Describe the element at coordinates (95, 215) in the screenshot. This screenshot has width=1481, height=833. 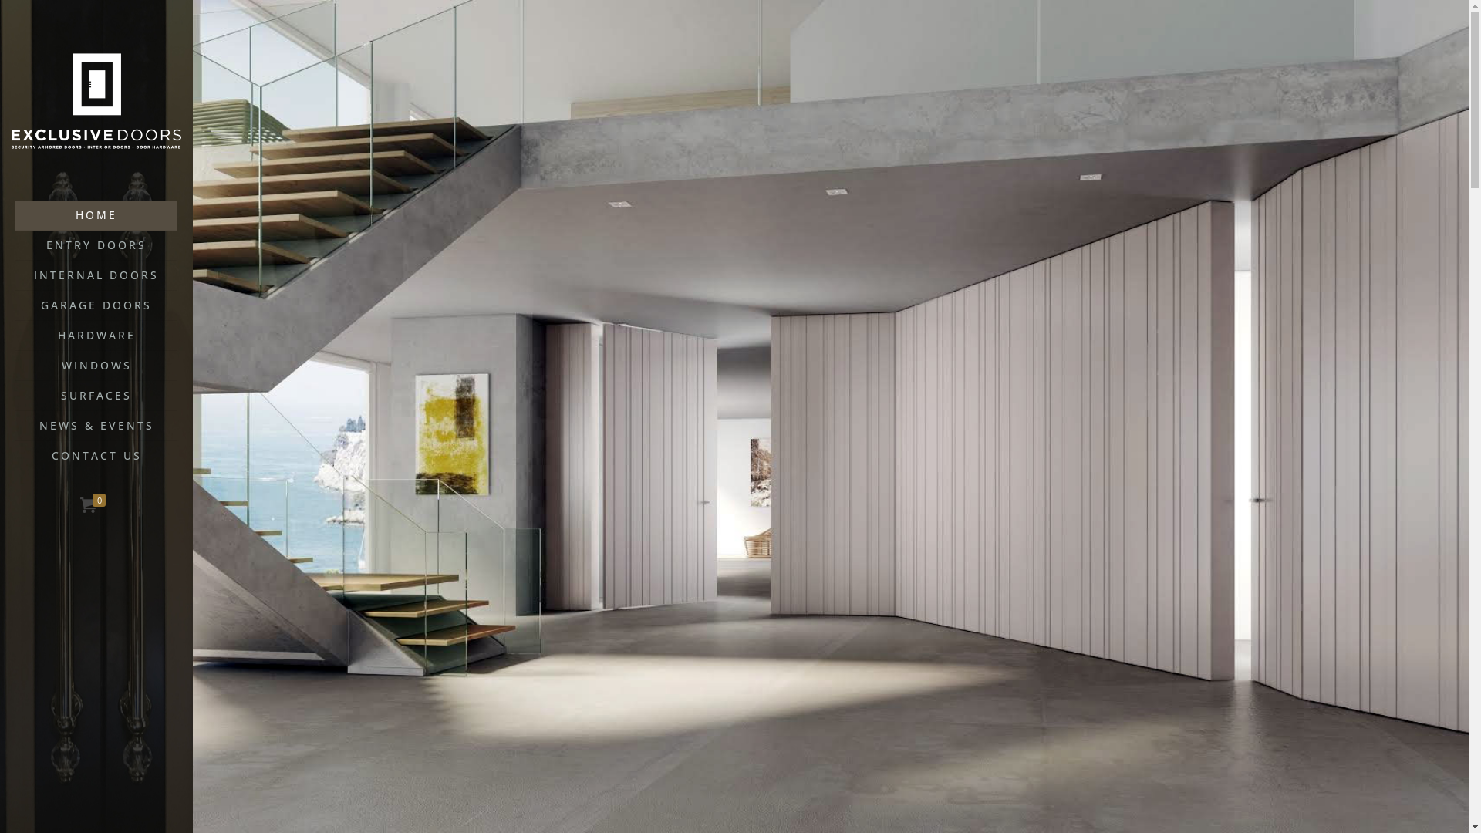
I see `'HOME'` at that location.